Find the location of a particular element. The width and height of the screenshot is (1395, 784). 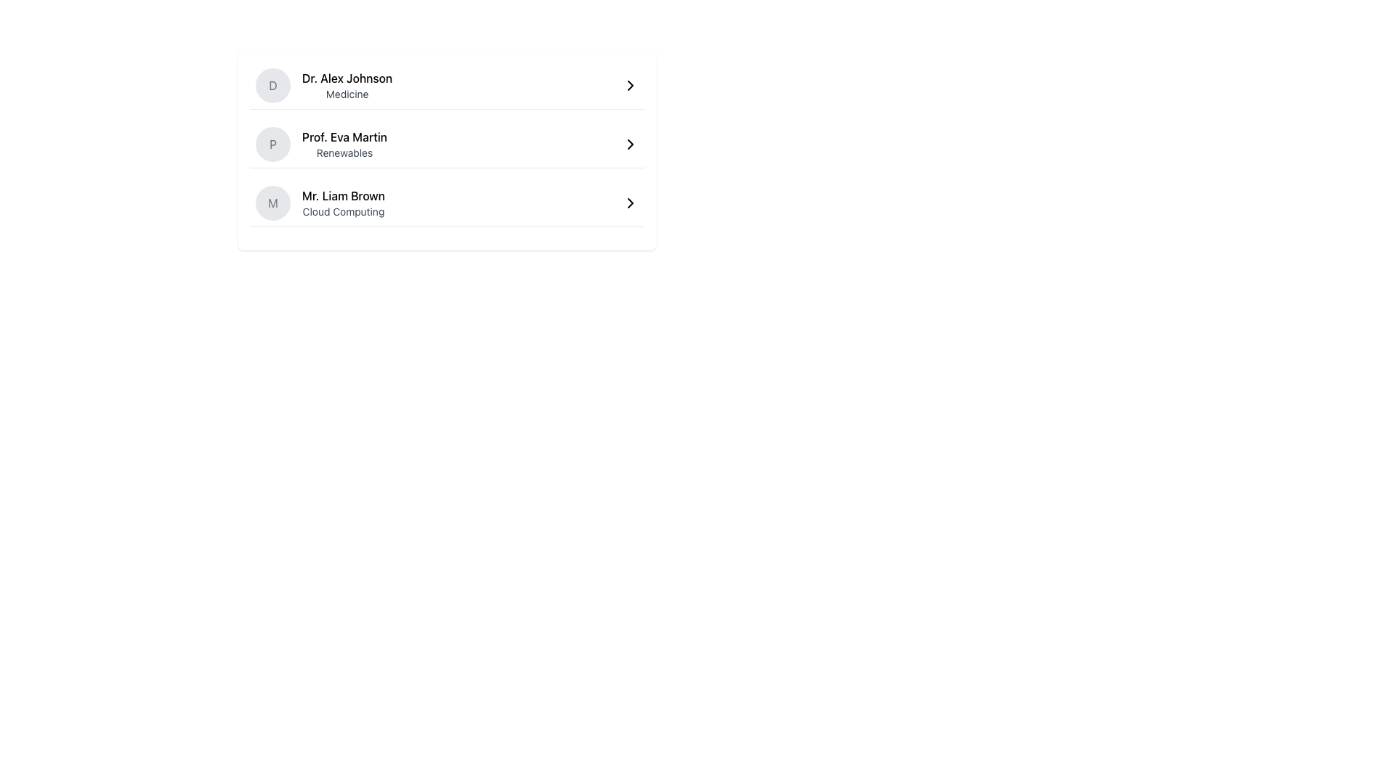

the right-facing chevron arrow icon located at the right end of the last list item for 'Mr. Liam Brown' with the subtitle 'Cloud Computing' is located at coordinates (631, 203).